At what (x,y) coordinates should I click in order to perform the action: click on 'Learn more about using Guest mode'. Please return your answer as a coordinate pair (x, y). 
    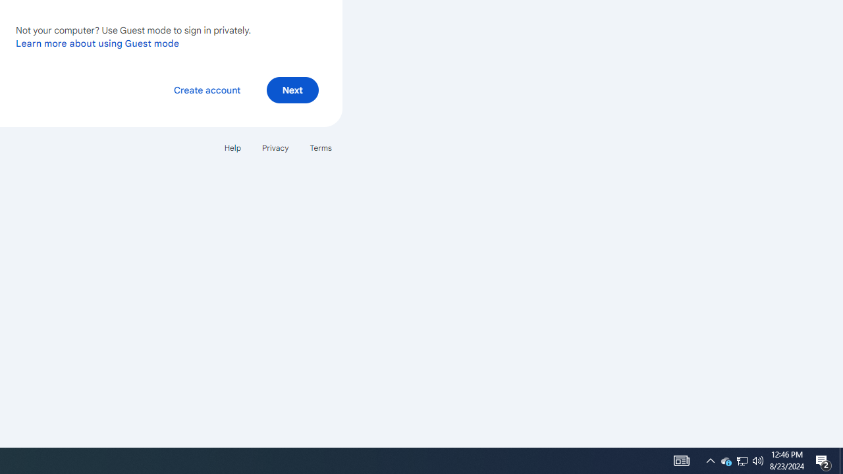
    Looking at the image, I should click on (97, 42).